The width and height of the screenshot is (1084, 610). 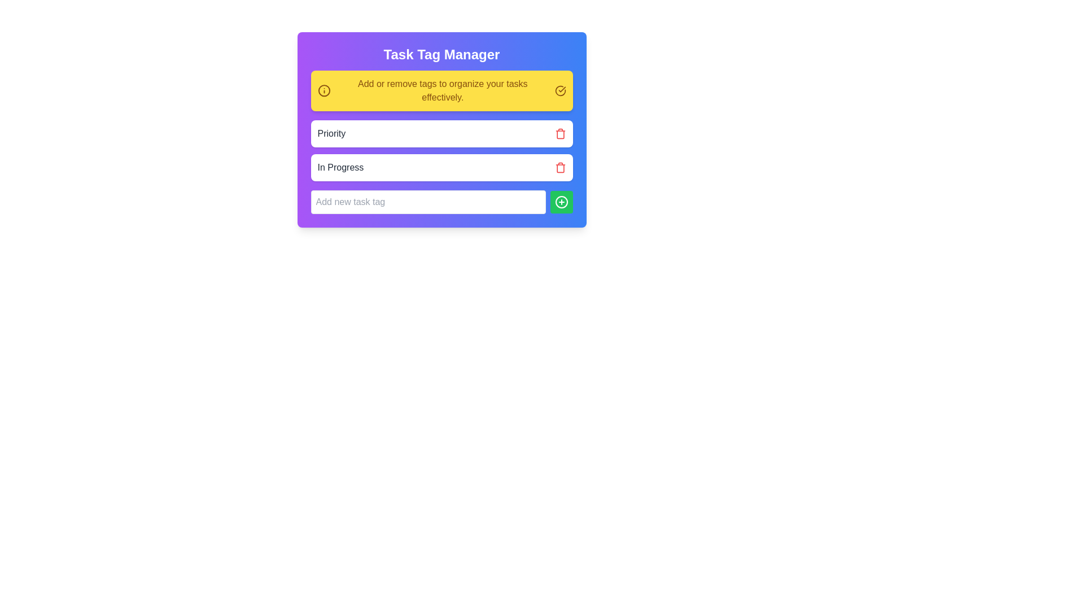 What do you see at coordinates (561, 202) in the screenshot?
I see `the circular green button with a plus sign located at the bottom-right corner of the 'Add new task tag' text input field` at bounding box center [561, 202].